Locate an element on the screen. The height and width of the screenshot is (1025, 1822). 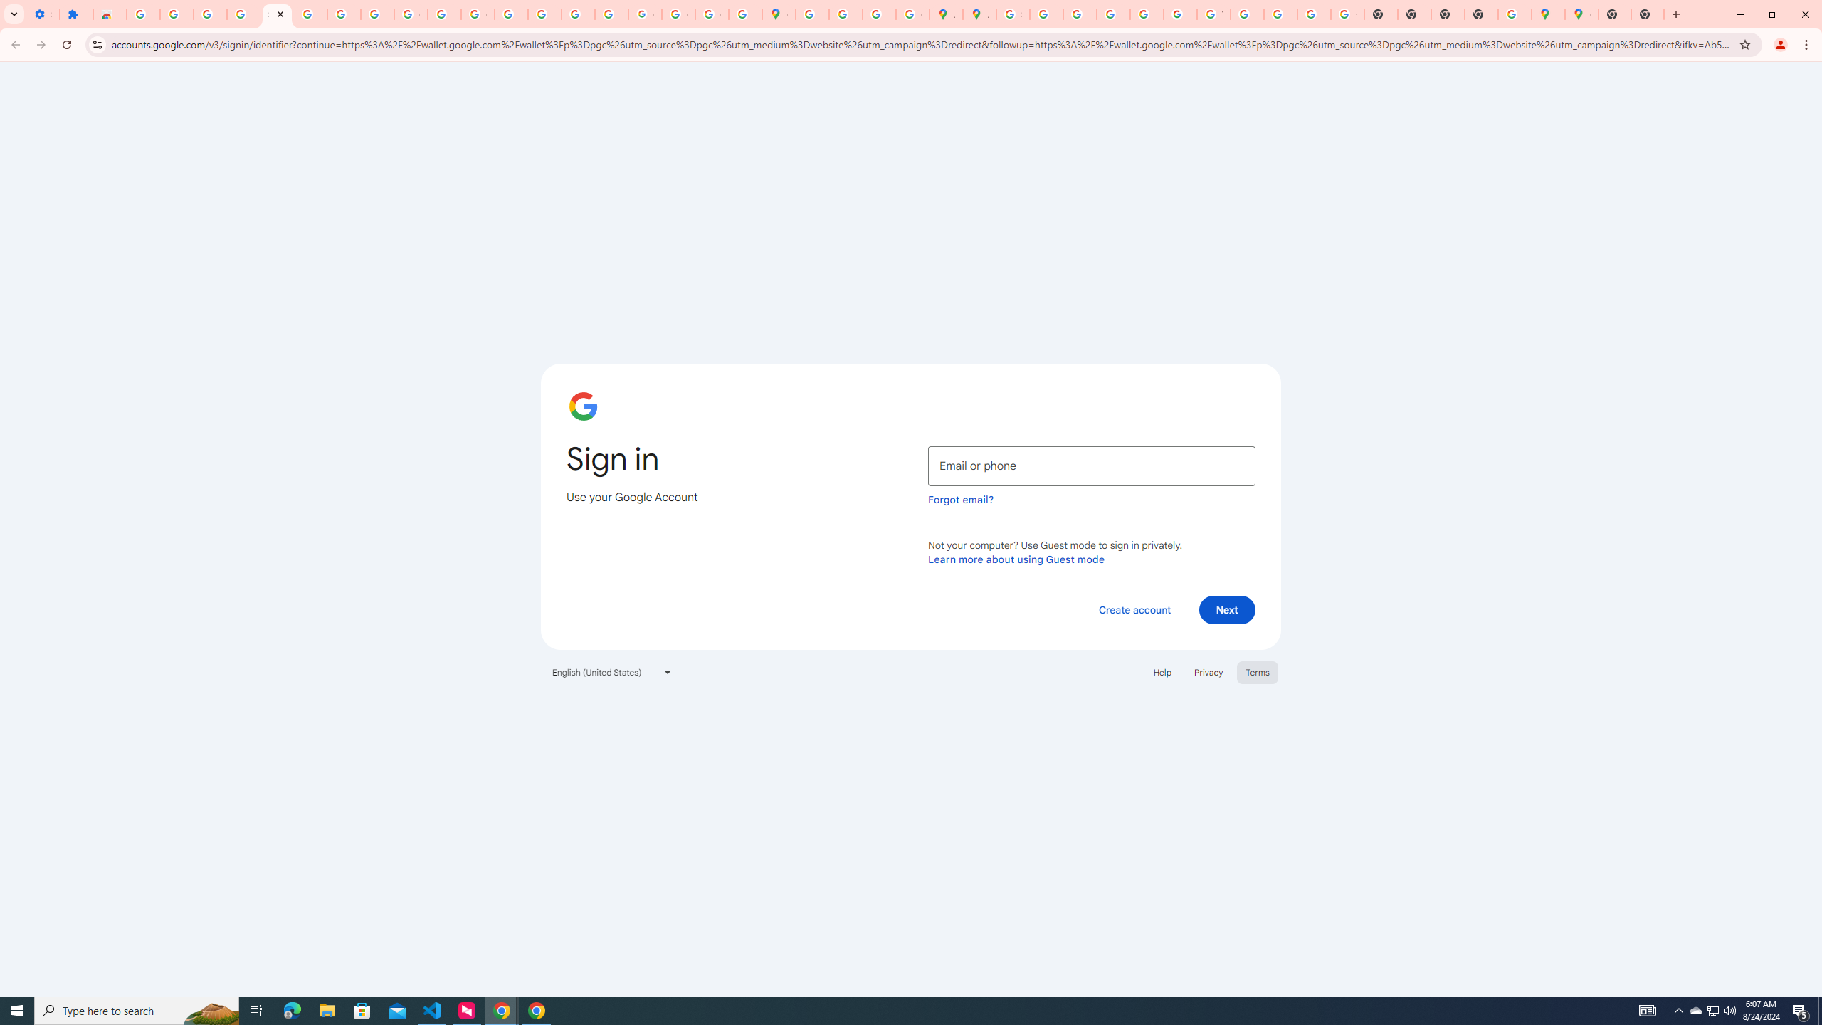
'New Tab' is located at coordinates (1614, 14).